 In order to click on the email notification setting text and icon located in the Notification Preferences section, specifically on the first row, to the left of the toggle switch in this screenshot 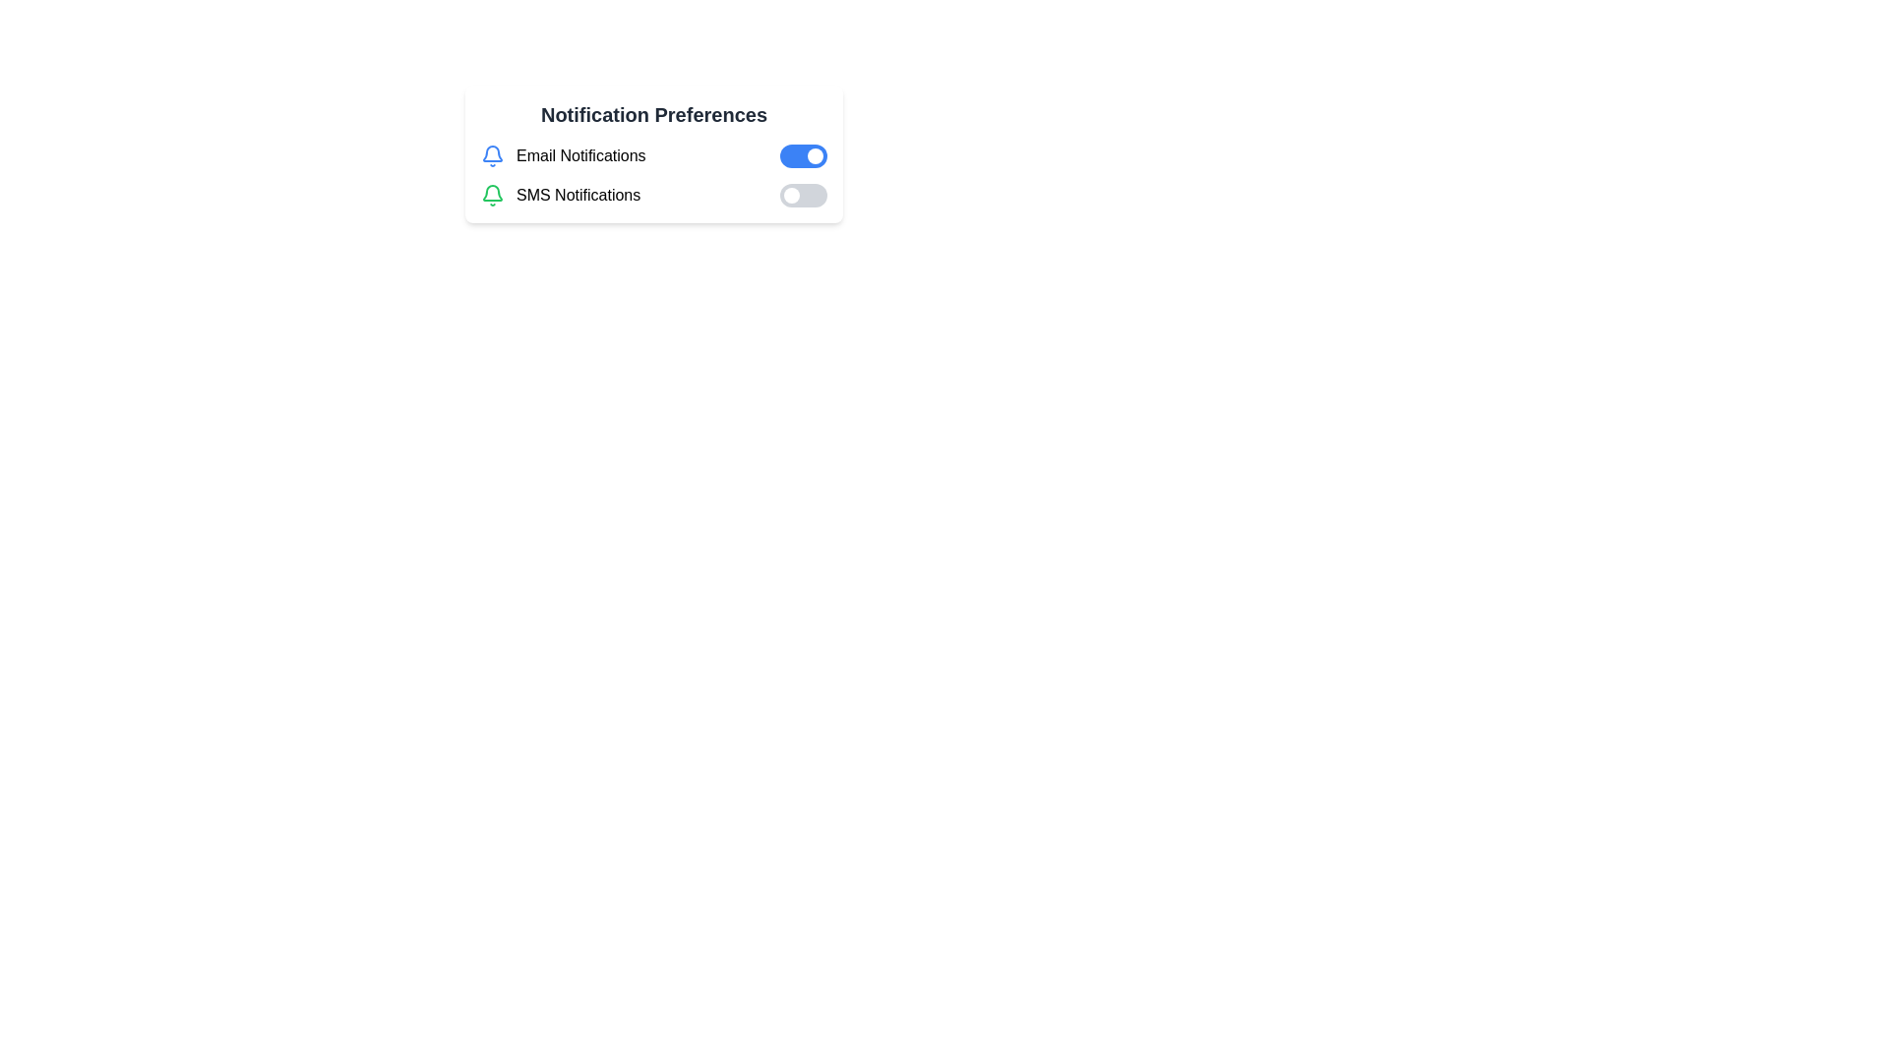, I will do `click(562, 154)`.